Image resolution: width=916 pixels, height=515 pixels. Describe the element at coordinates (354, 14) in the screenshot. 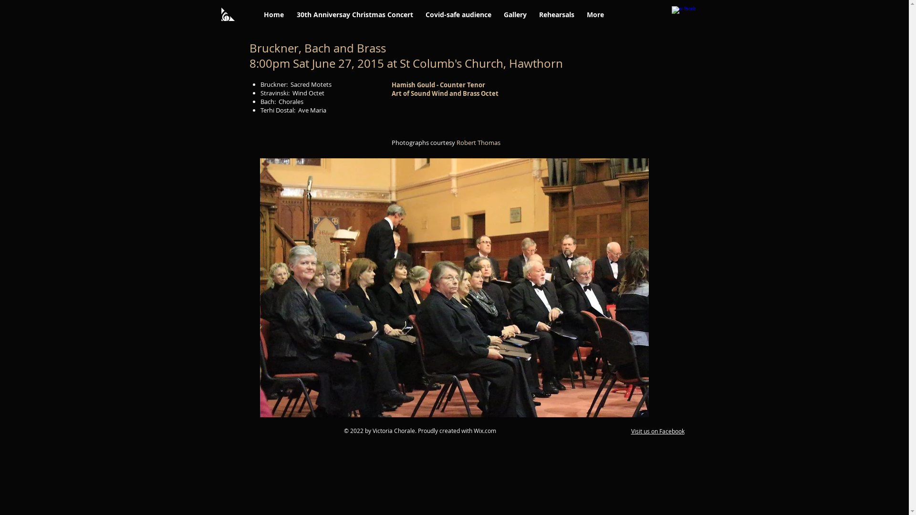

I see `'30th Anniversay Christmas Concert'` at that location.